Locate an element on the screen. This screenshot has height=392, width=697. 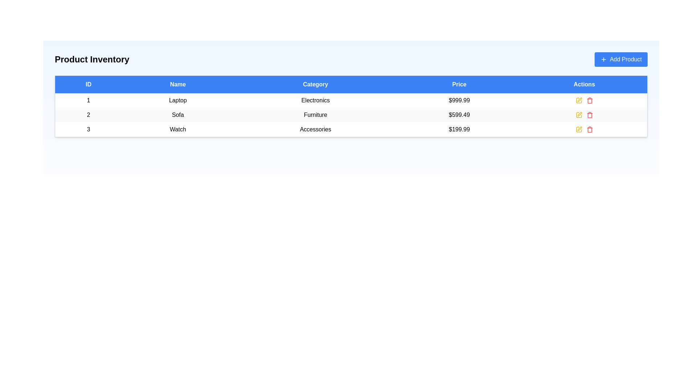
the 'Electronics' text label, which is a plain white label with black sans-serif text located in the third column of the first data row under the 'Category' header is located at coordinates (315, 101).